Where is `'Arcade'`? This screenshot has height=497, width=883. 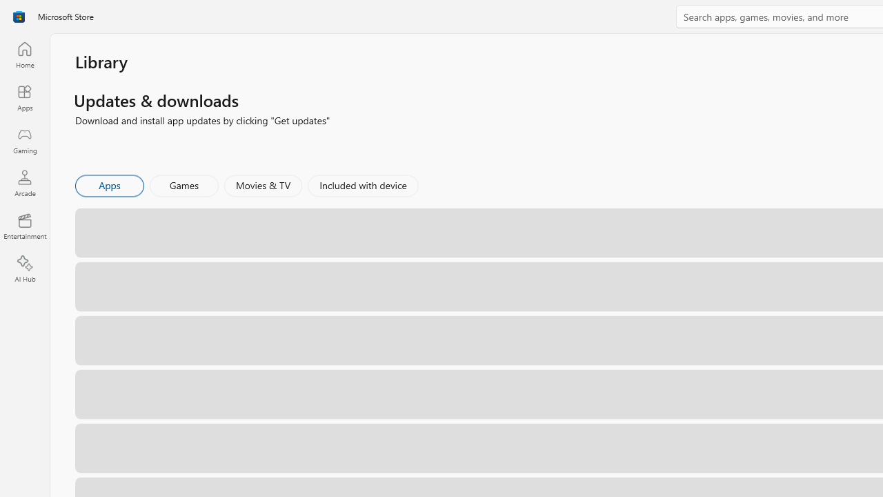
'Arcade' is located at coordinates (24, 182).